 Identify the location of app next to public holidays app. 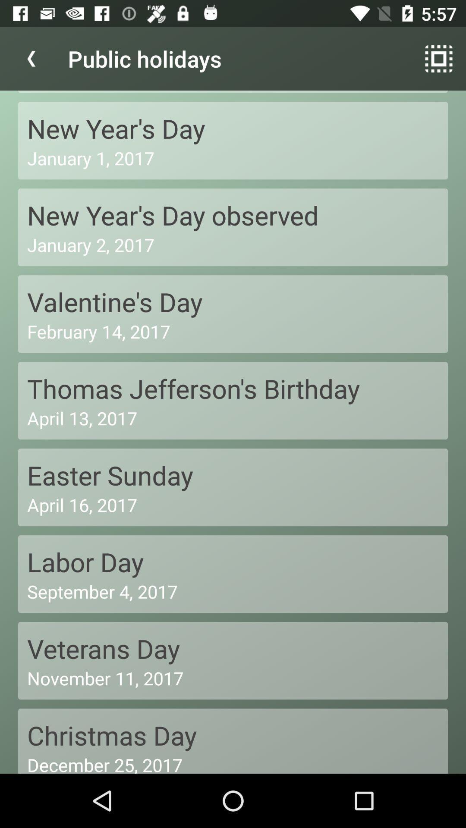
(439, 58).